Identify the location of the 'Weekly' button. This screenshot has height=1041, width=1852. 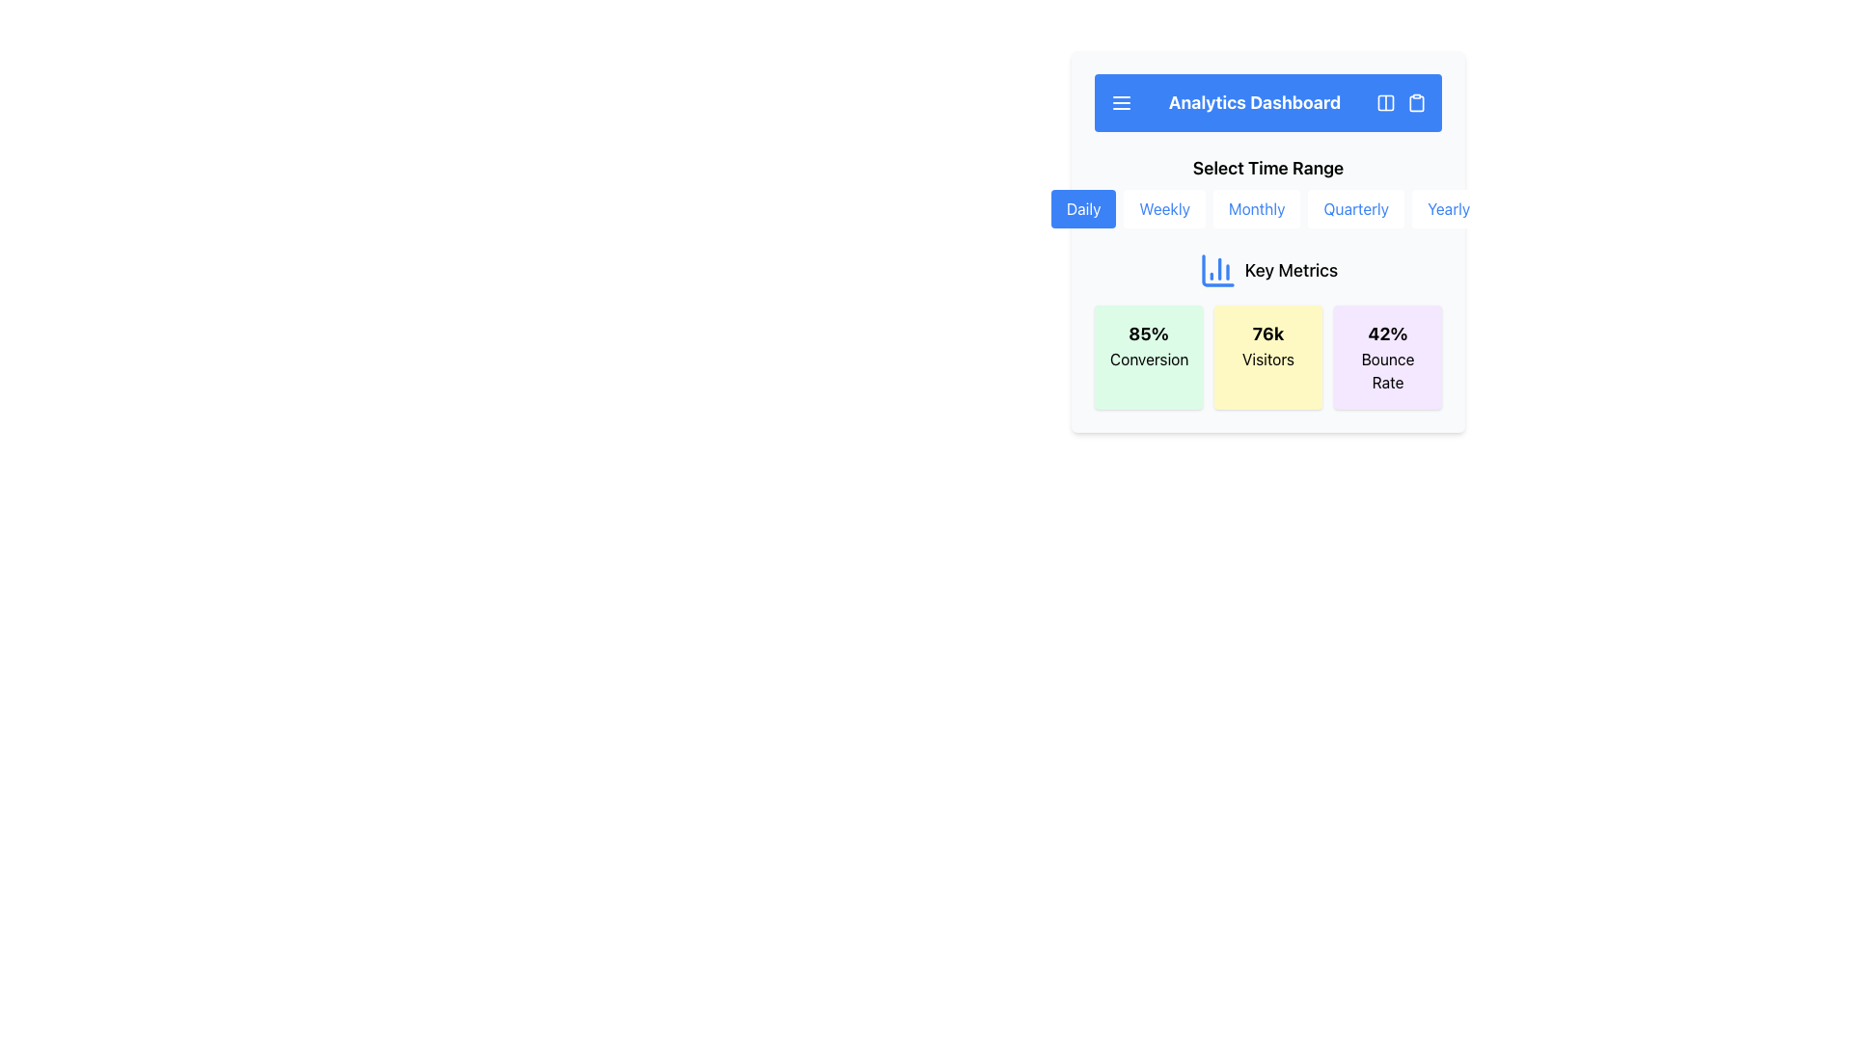
(1163, 208).